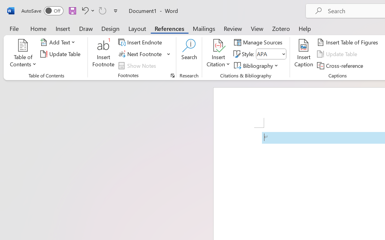  Describe the element at coordinates (338, 54) in the screenshot. I see `'Update Table'` at that location.